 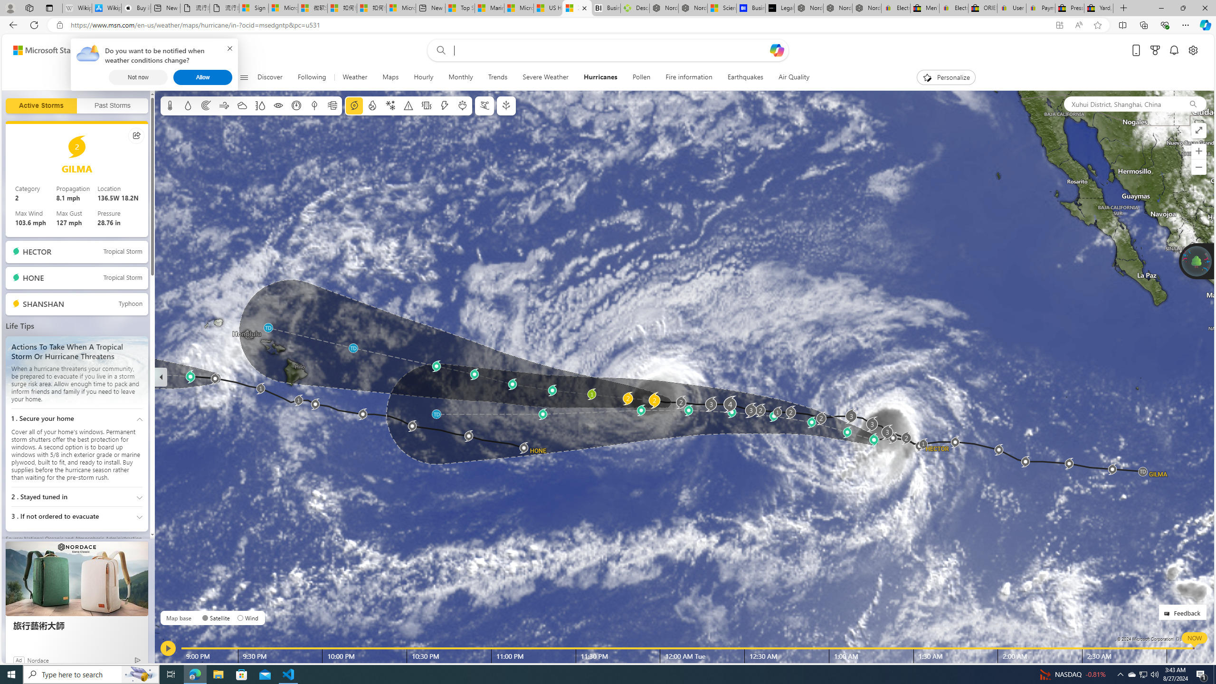 I want to click on 'Zoom in', so click(x=1198, y=151).